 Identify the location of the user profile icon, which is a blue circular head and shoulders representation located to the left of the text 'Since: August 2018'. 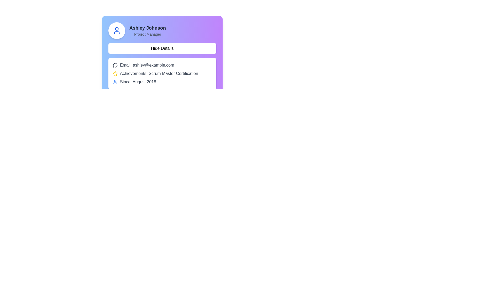
(115, 82).